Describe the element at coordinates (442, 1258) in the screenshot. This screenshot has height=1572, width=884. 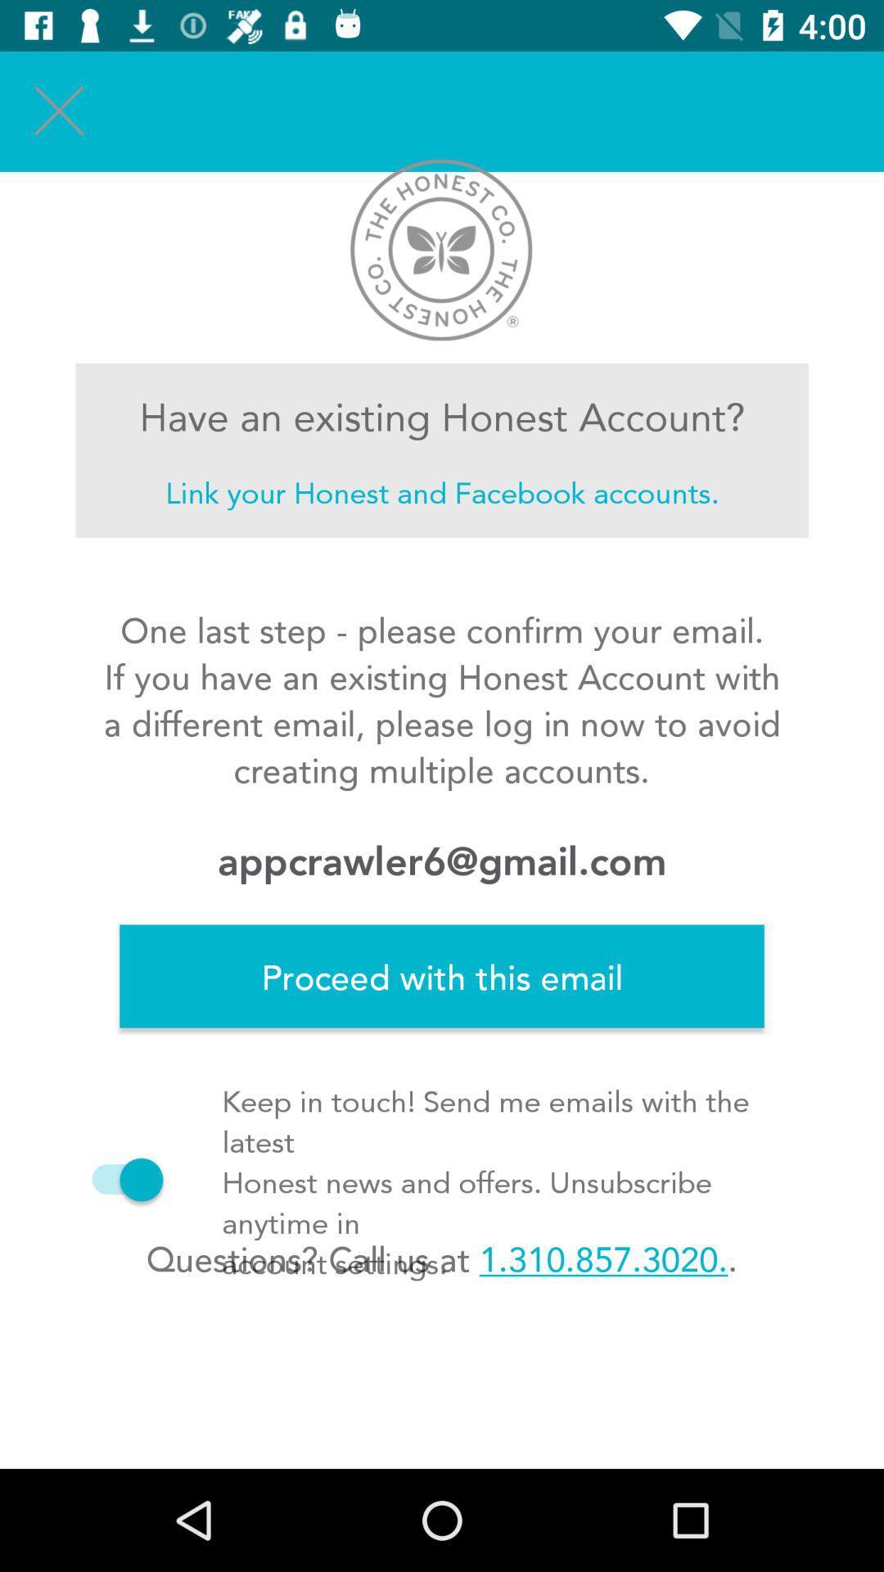
I see `the icon below the proceed with this` at that location.